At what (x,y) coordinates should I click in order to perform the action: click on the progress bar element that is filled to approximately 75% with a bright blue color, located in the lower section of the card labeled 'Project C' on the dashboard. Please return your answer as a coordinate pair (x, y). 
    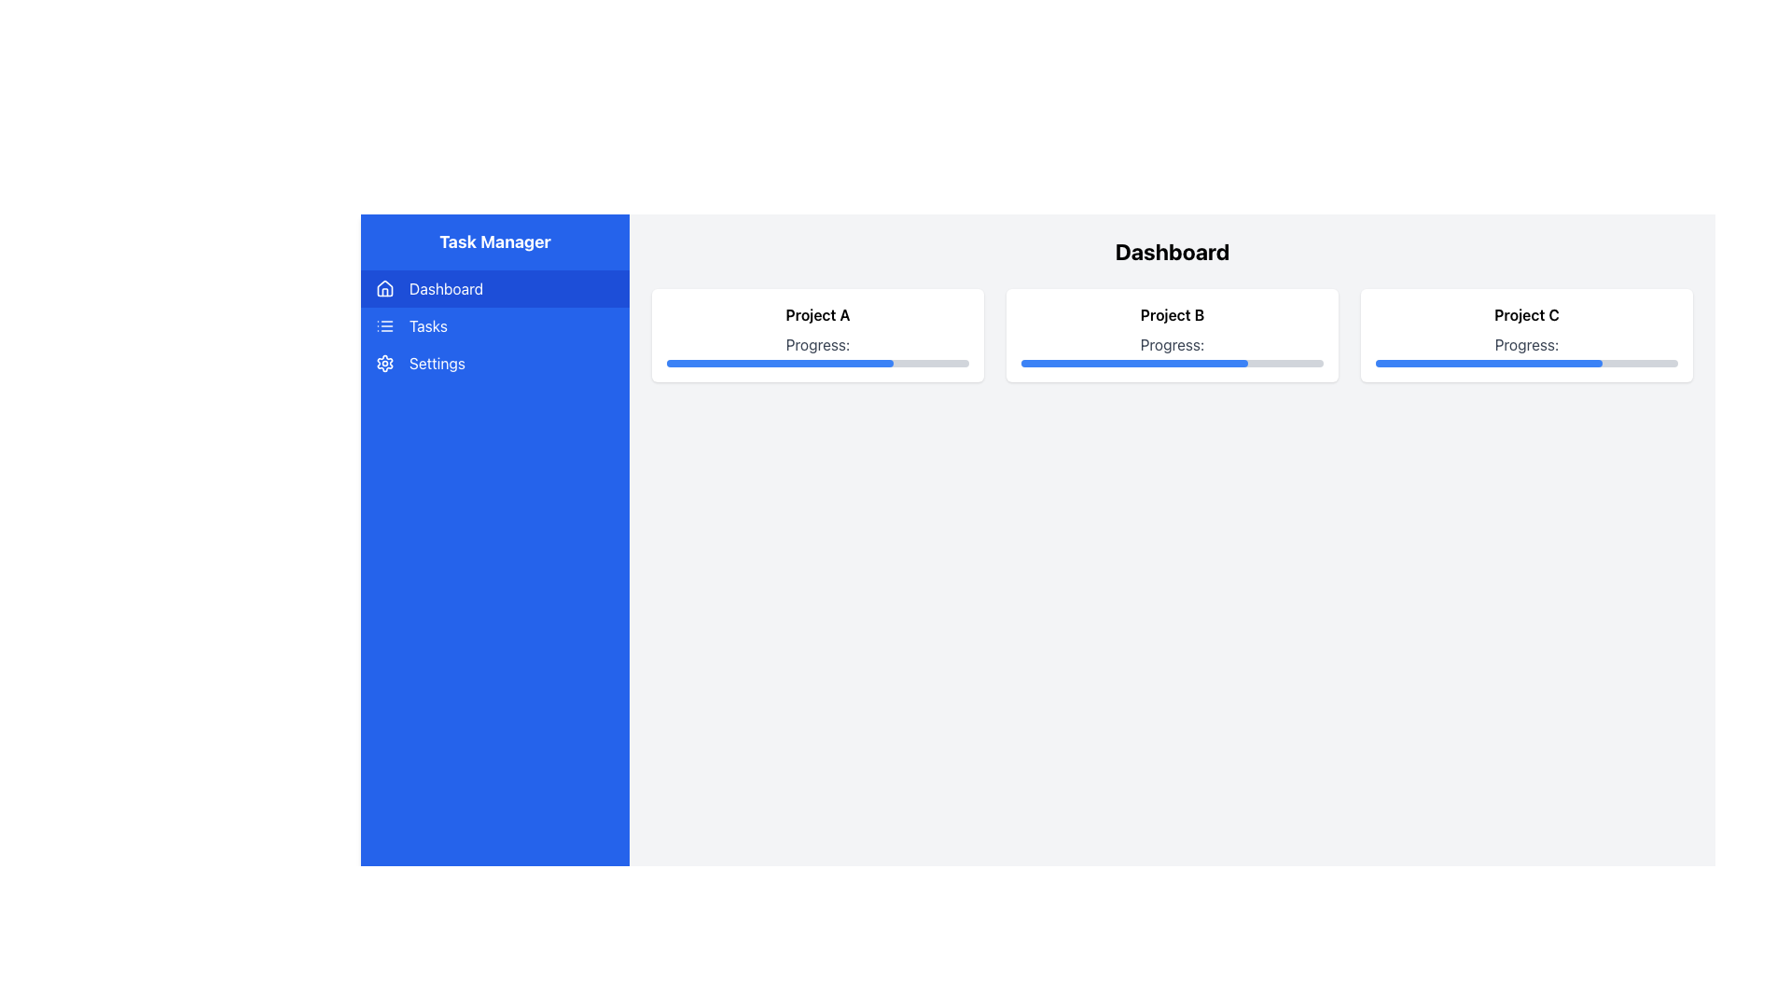
    Looking at the image, I should click on (1488, 363).